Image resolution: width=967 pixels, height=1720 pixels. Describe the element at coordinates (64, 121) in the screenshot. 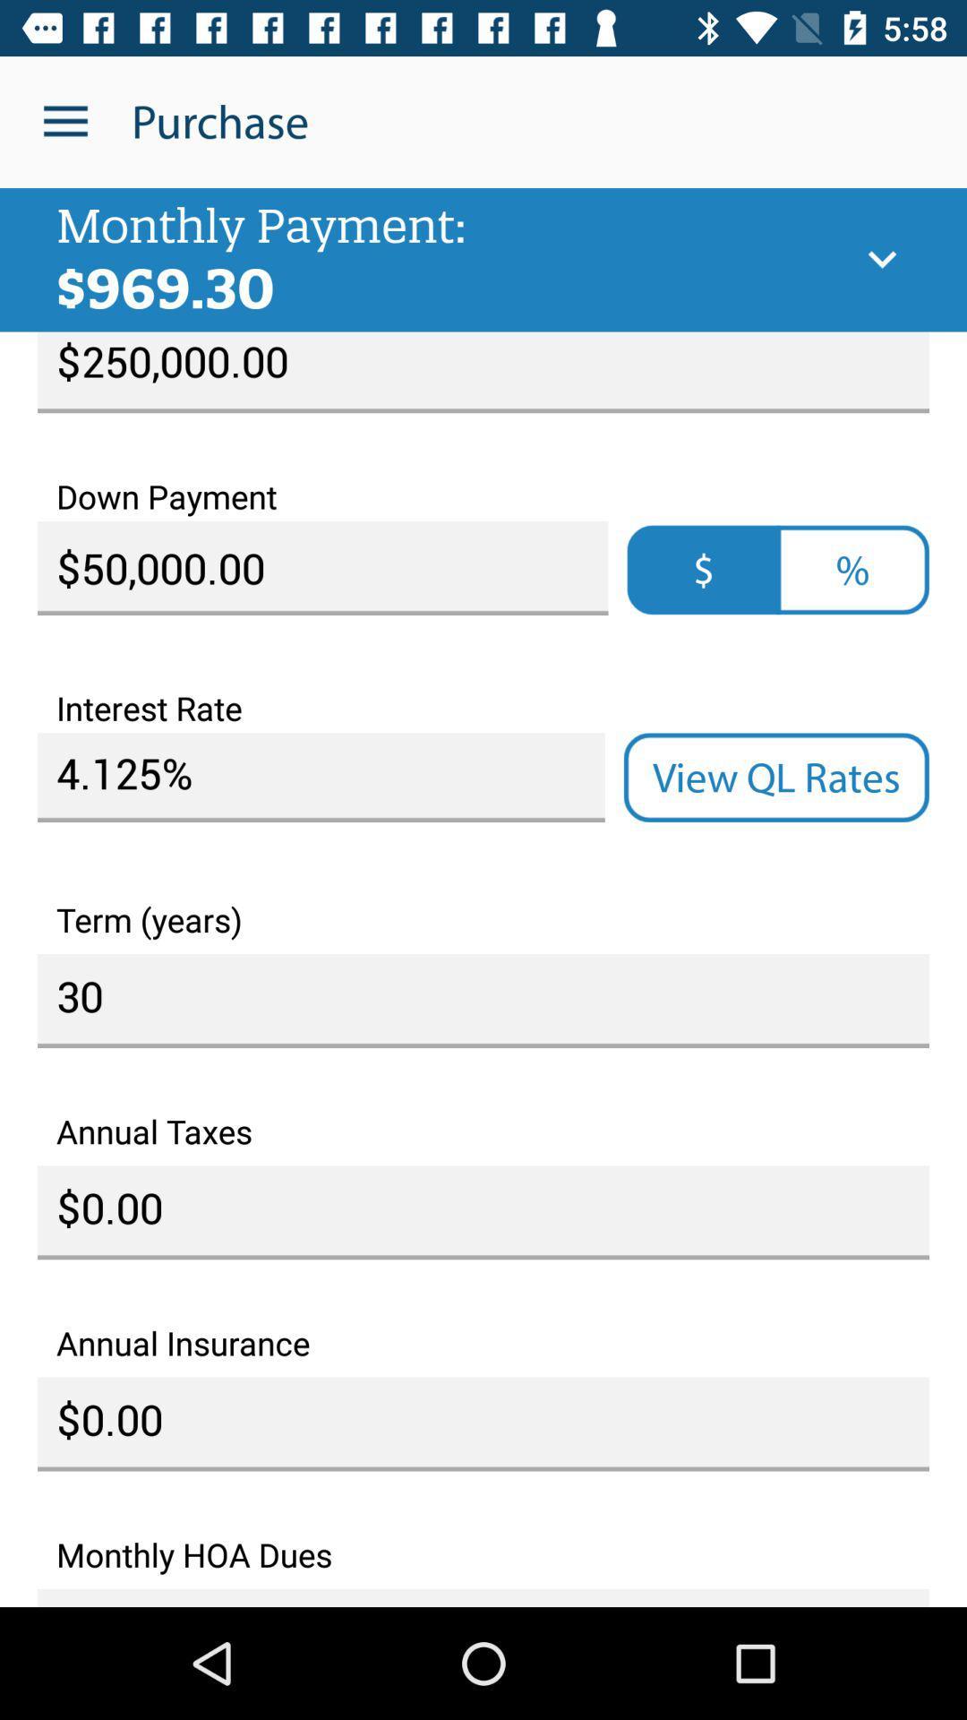

I see `the item next to the purchase` at that location.